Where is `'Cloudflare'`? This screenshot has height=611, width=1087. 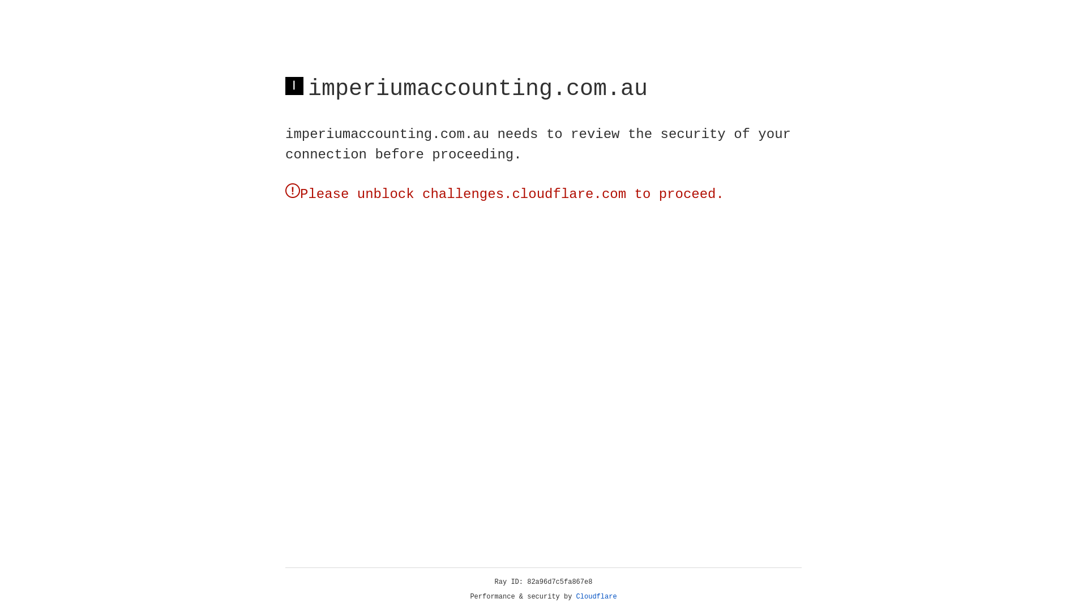 'Cloudflare' is located at coordinates (576, 596).